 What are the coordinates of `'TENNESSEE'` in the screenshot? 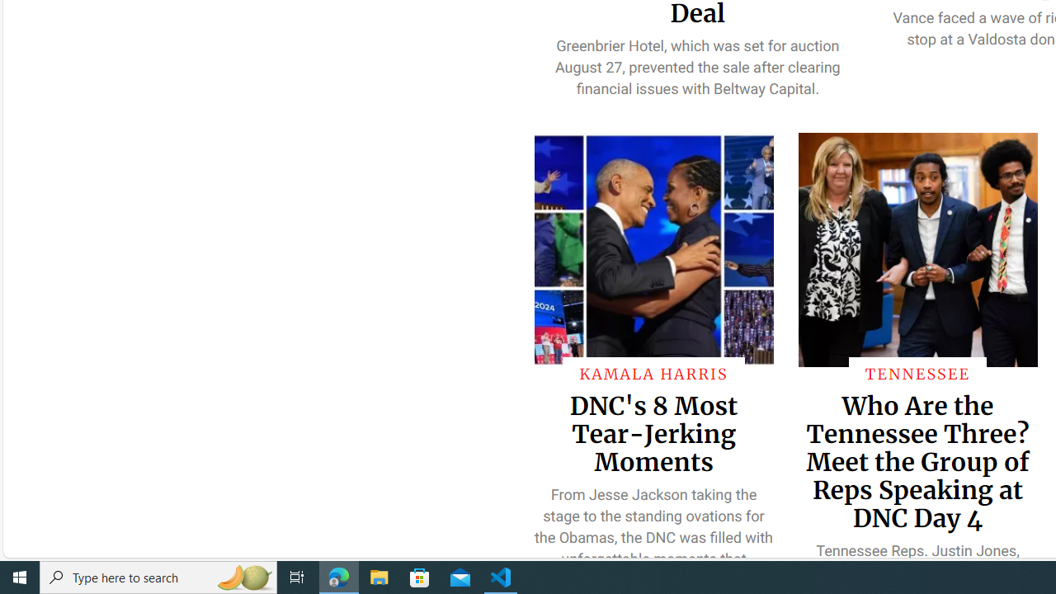 It's located at (917, 373).